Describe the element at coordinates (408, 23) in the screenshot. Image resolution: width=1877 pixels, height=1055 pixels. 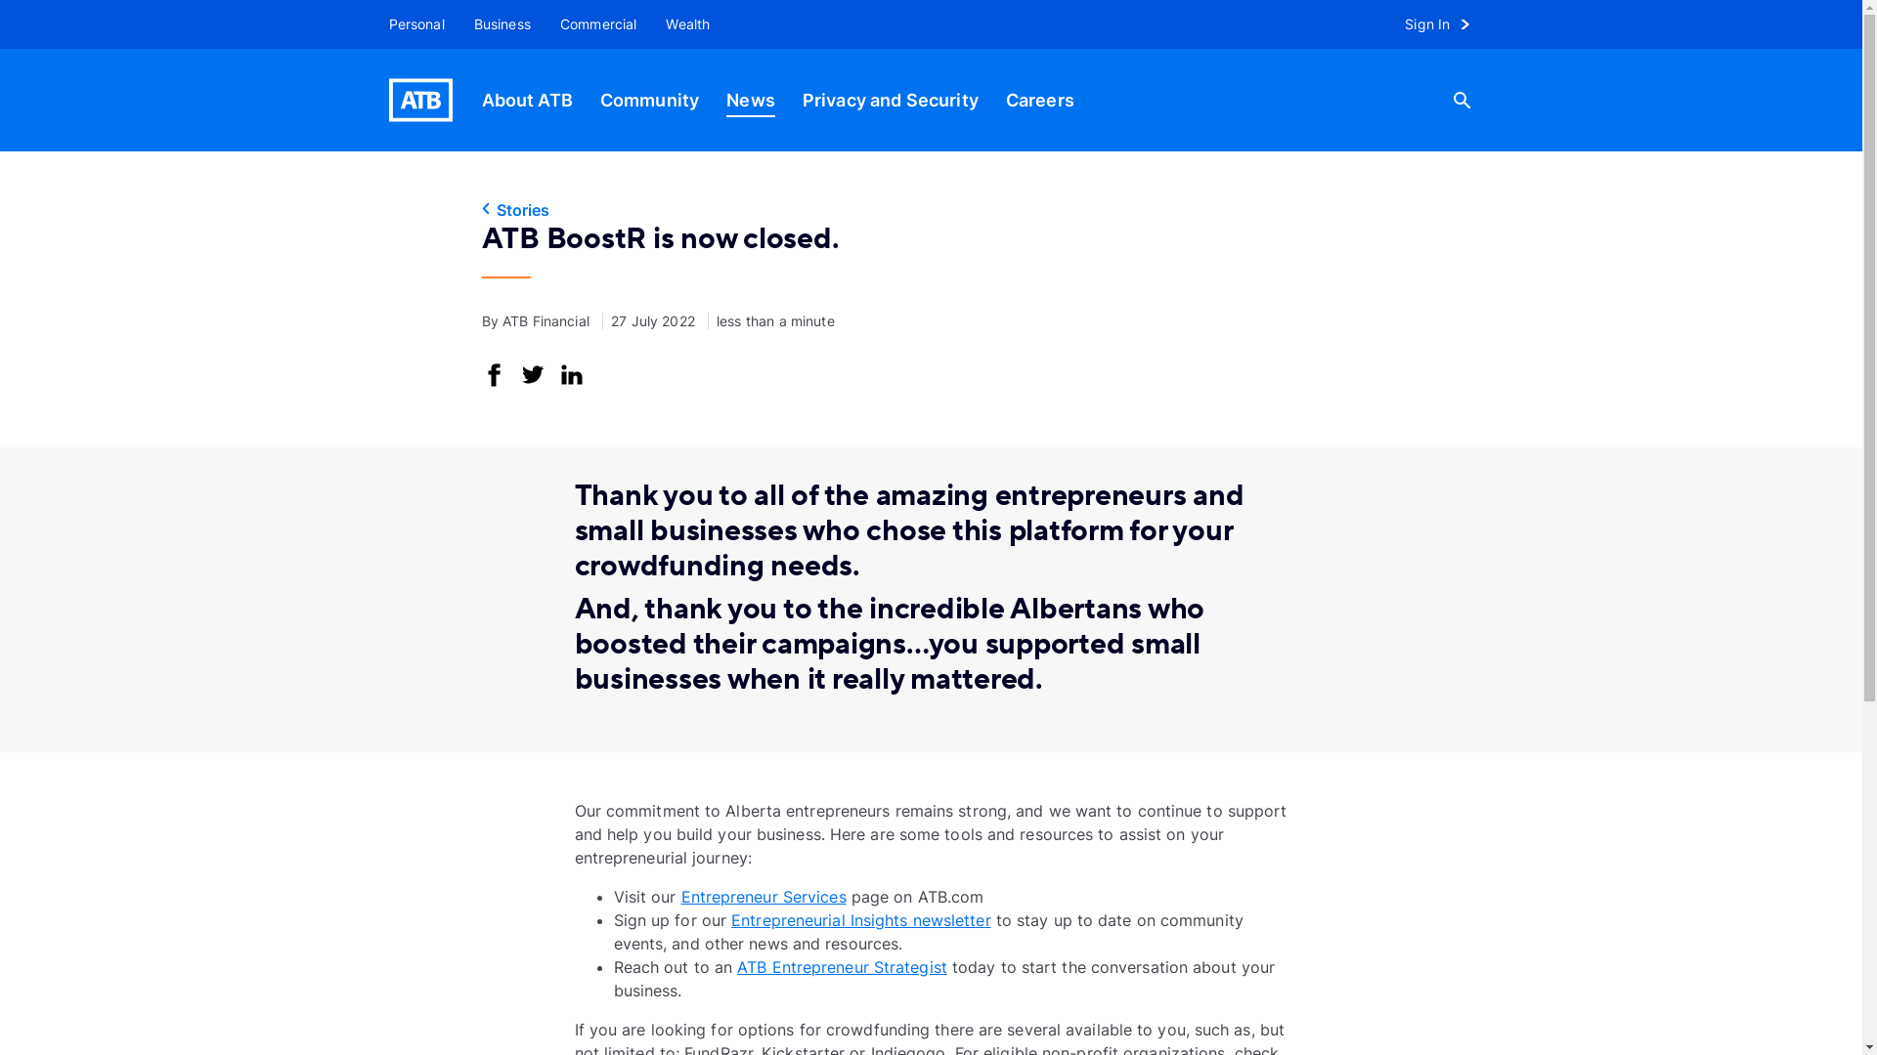
I see `'Personal'` at that location.